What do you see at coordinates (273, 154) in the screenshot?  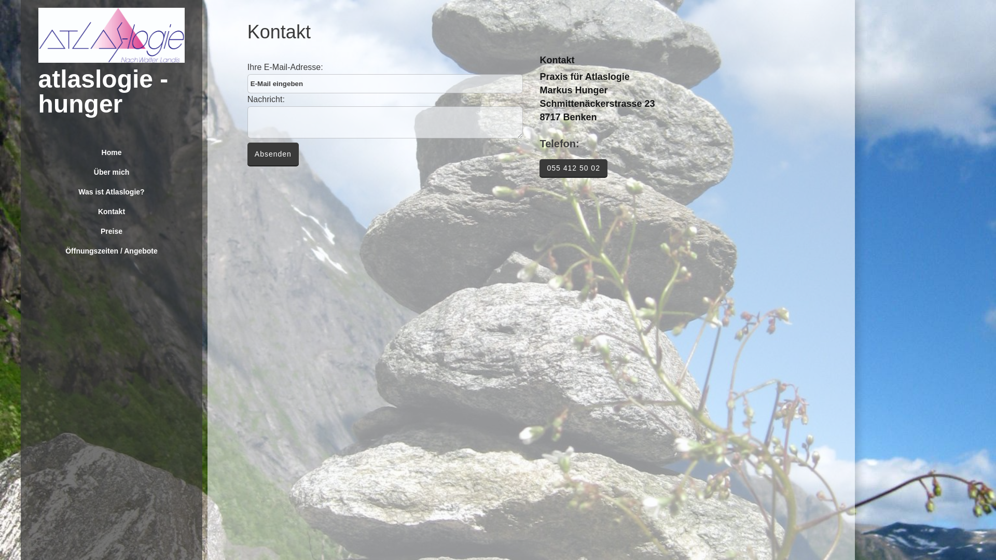 I see `'Absenden'` at bounding box center [273, 154].